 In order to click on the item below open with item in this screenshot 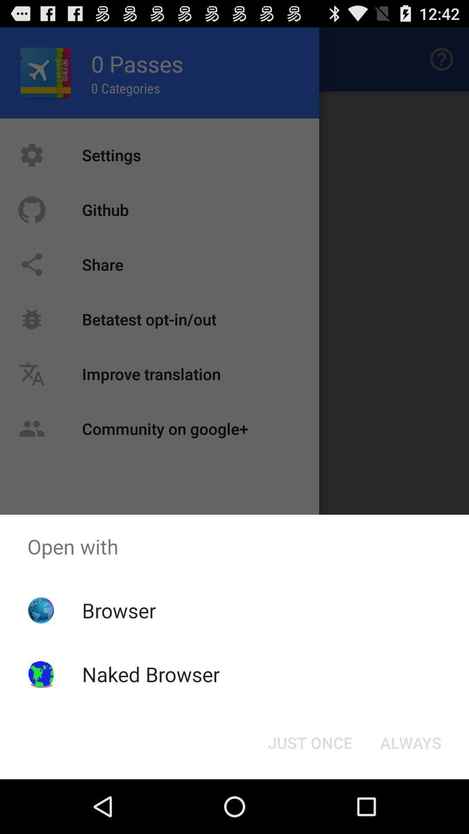, I will do `click(310, 742)`.